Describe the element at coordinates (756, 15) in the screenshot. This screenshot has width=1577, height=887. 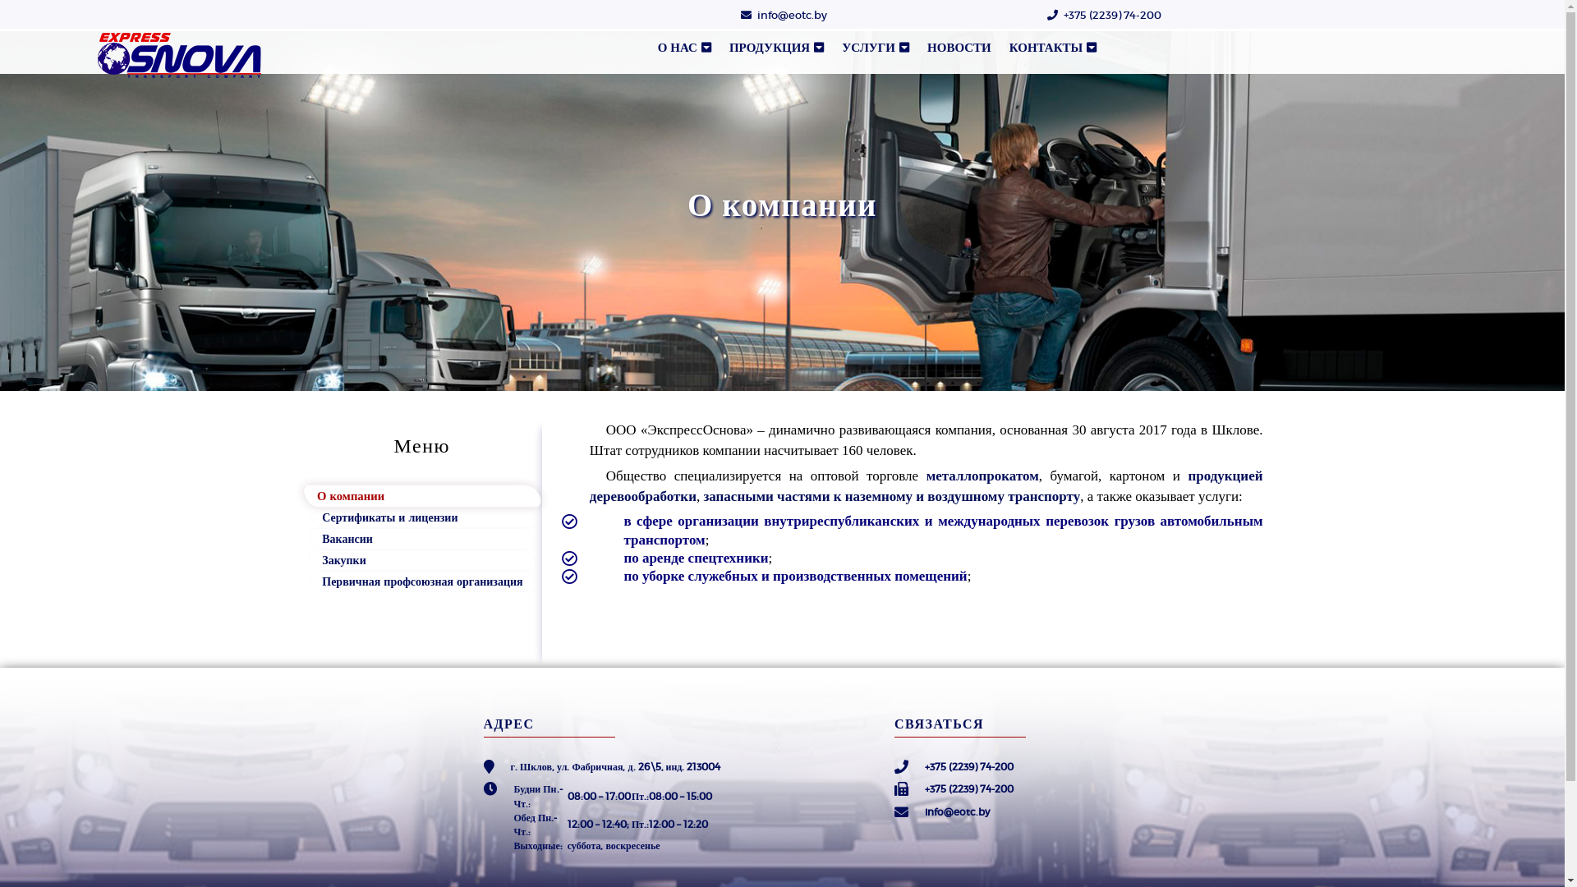
I see `'info@eotc.by'` at that location.